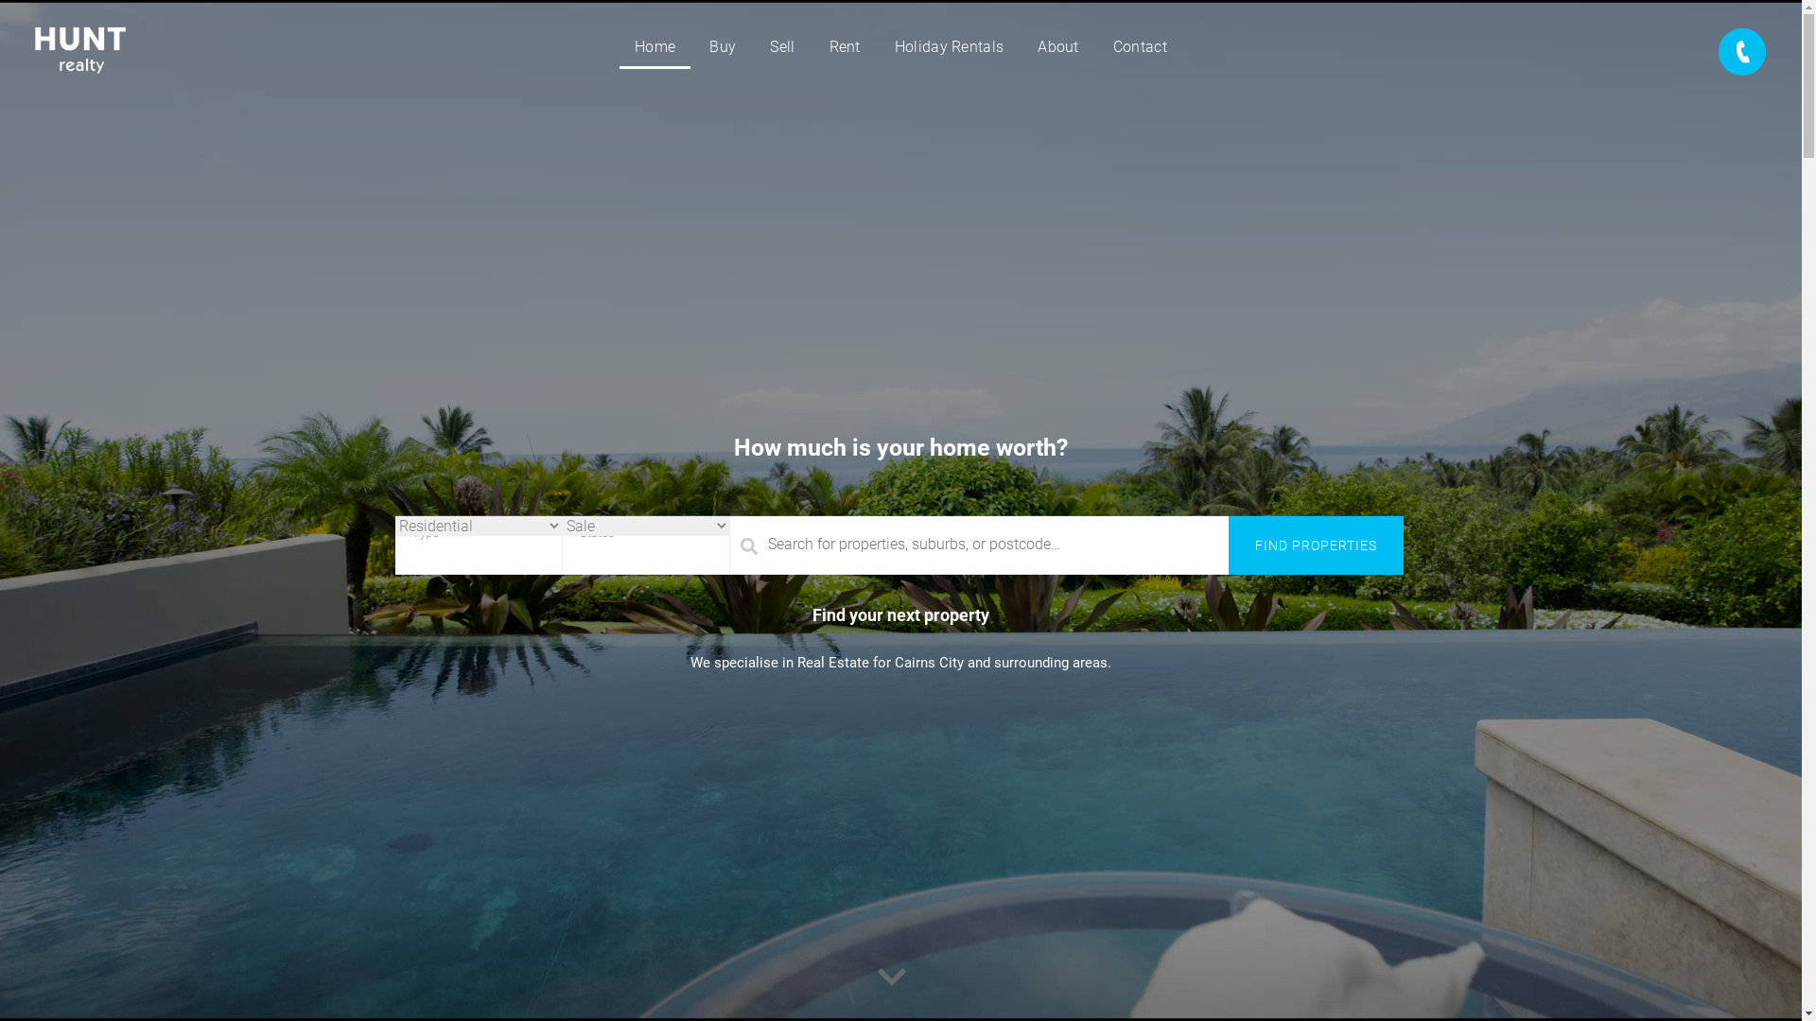  Describe the element at coordinates (655, 46) in the screenshot. I see `'Home'` at that location.